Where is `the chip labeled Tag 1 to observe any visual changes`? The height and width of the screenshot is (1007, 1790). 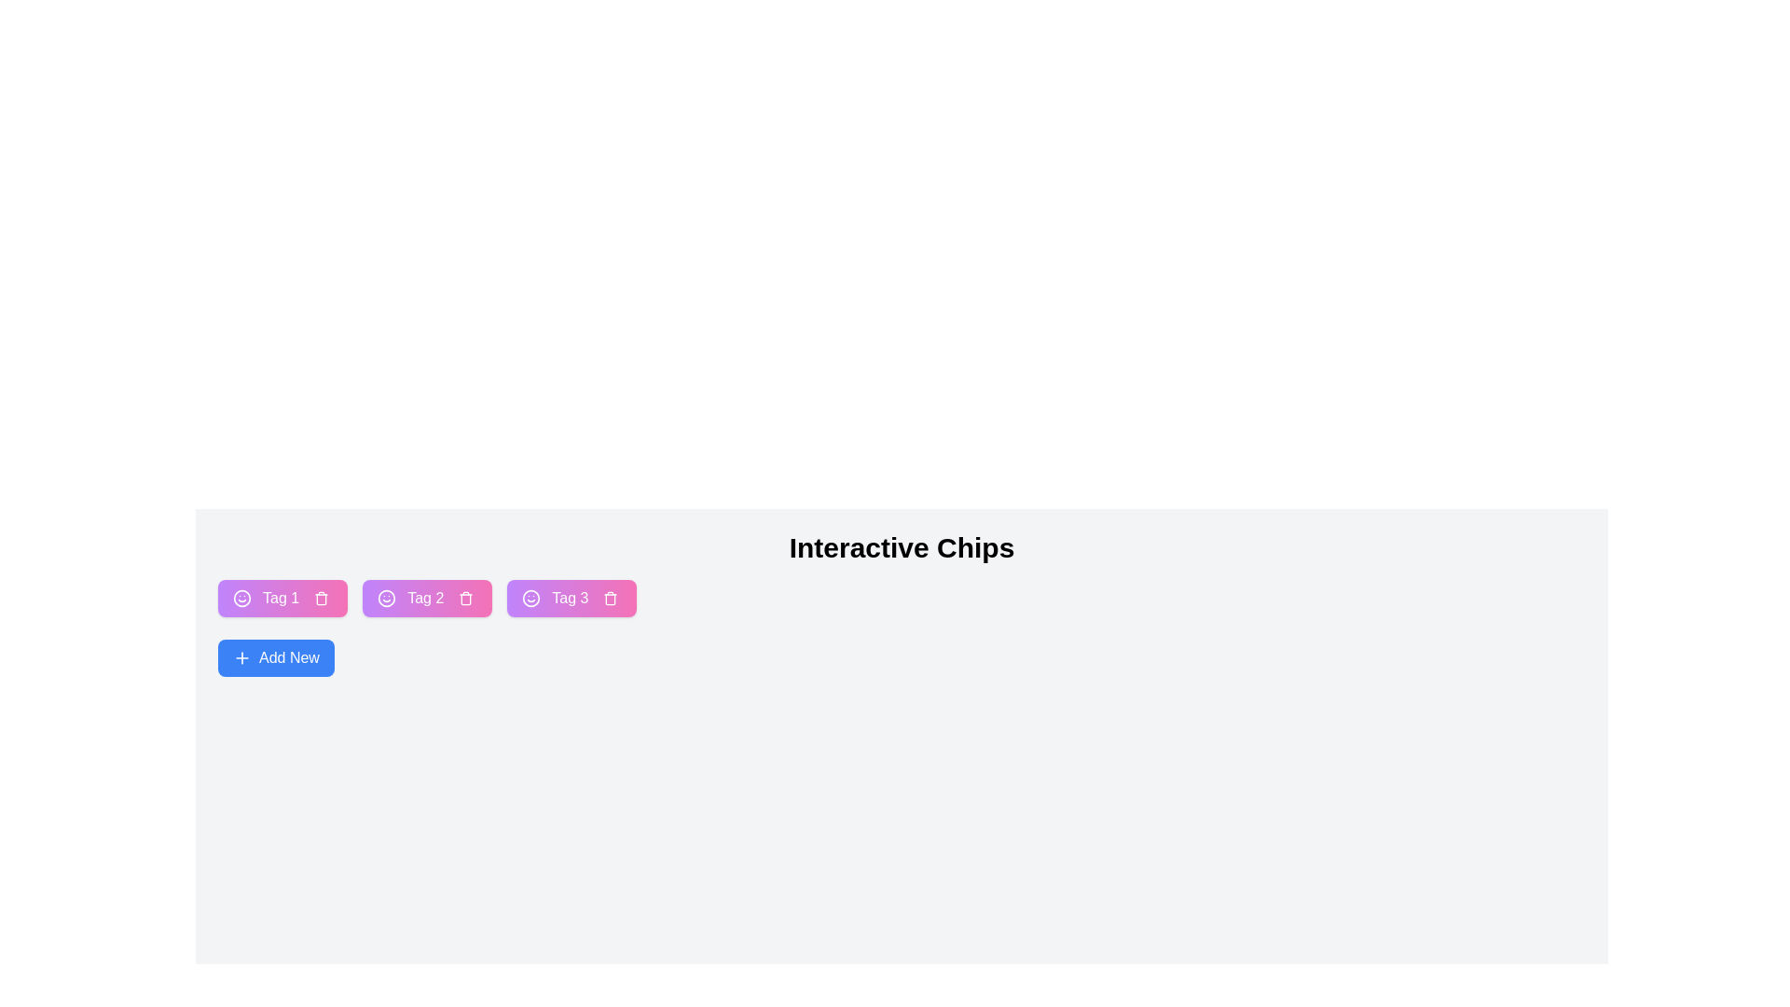
the chip labeled Tag 1 to observe any visual changes is located at coordinates (281, 598).